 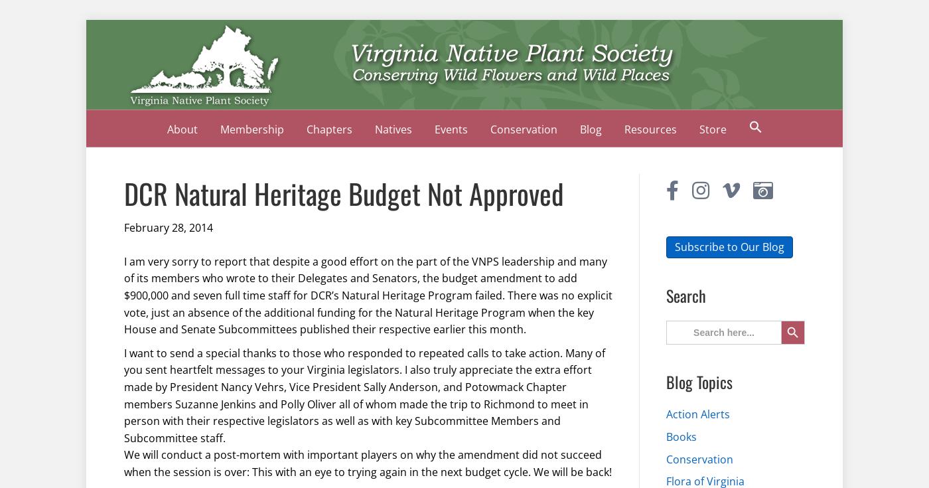 I want to click on 'Books', so click(x=681, y=436).